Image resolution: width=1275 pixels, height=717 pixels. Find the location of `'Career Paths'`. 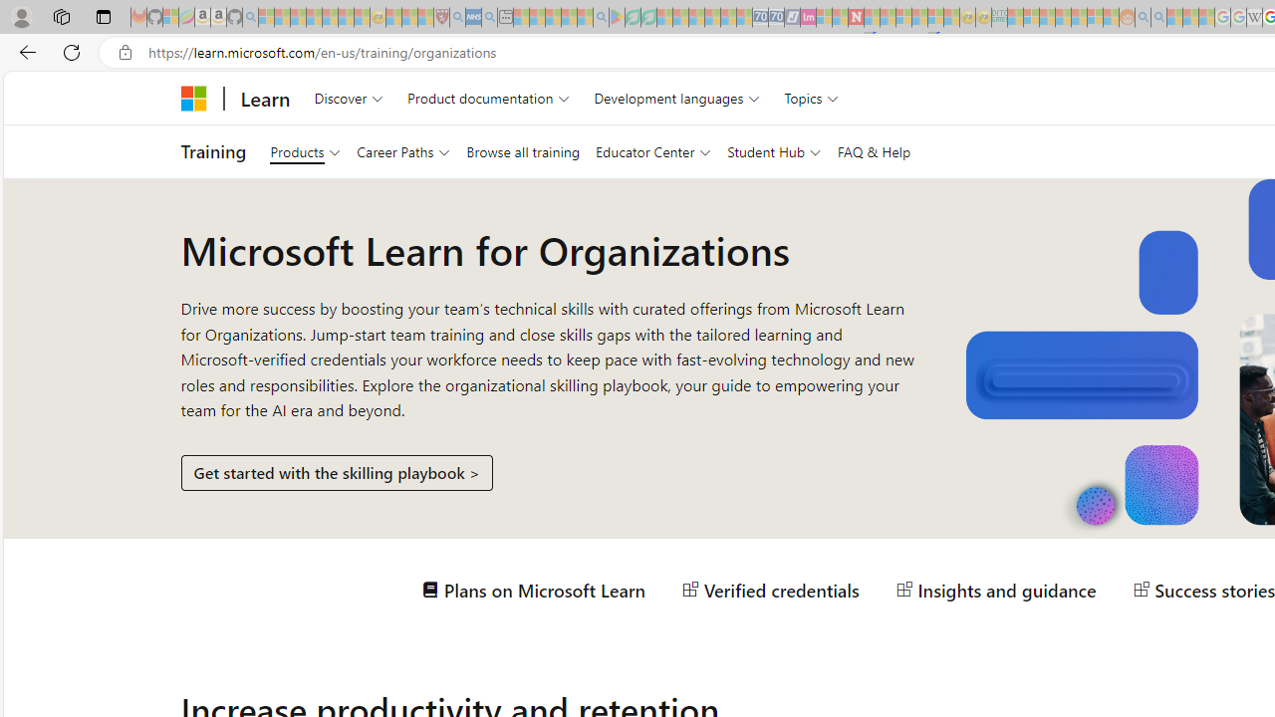

'Career Paths' is located at coordinates (402, 150).